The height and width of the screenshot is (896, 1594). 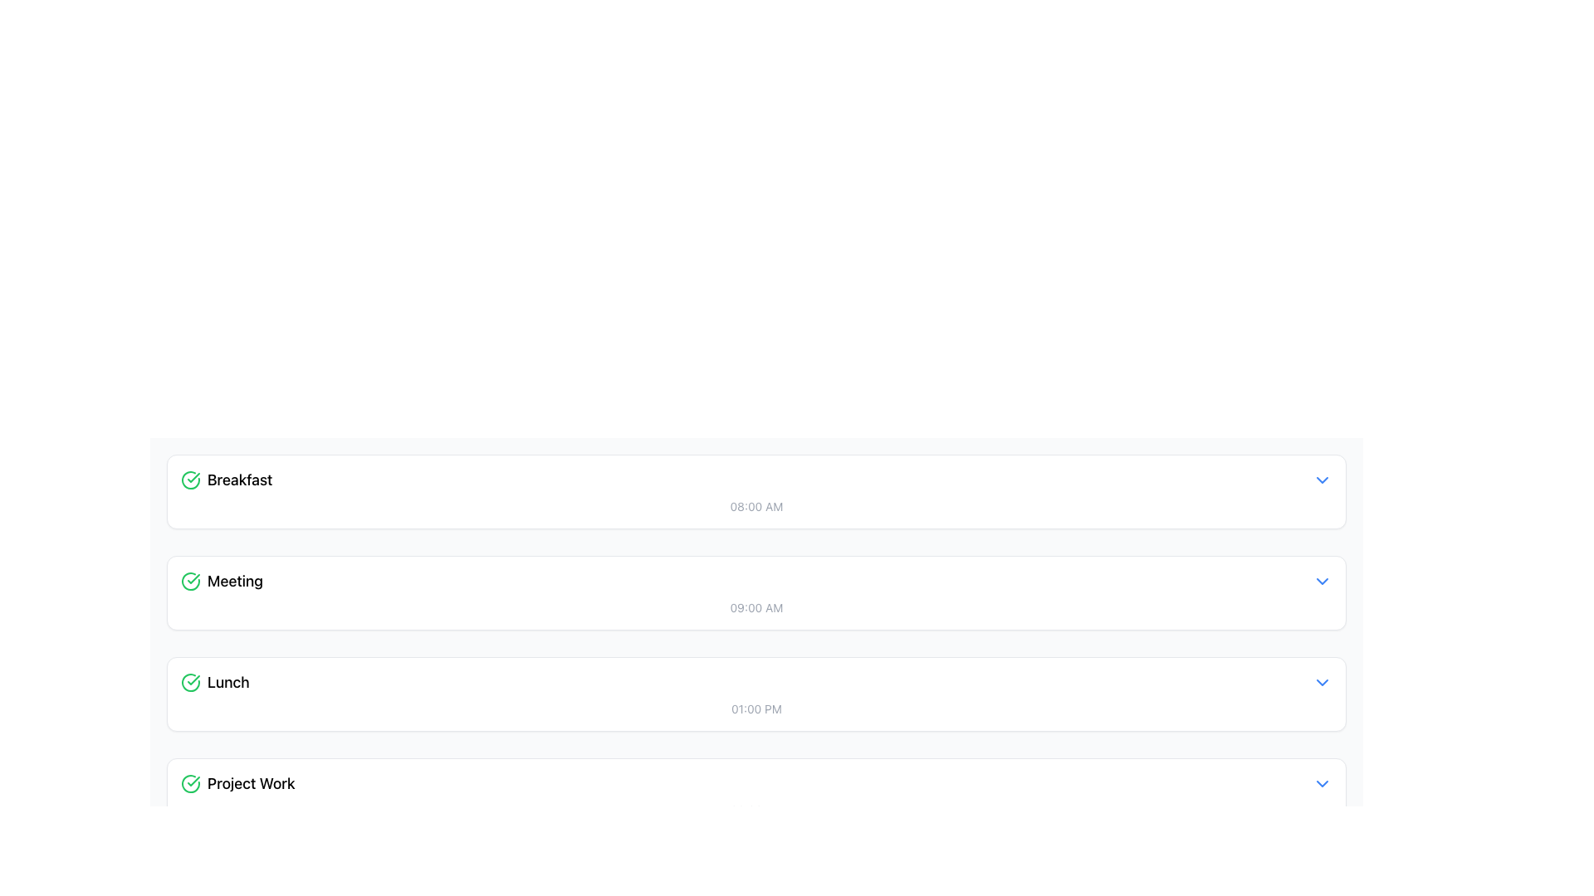 What do you see at coordinates (755, 592) in the screenshot?
I see `the scheduled item card labeled 'Meeting' at 09:00 AM, which is the second item in the vertically listed schedule` at bounding box center [755, 592].